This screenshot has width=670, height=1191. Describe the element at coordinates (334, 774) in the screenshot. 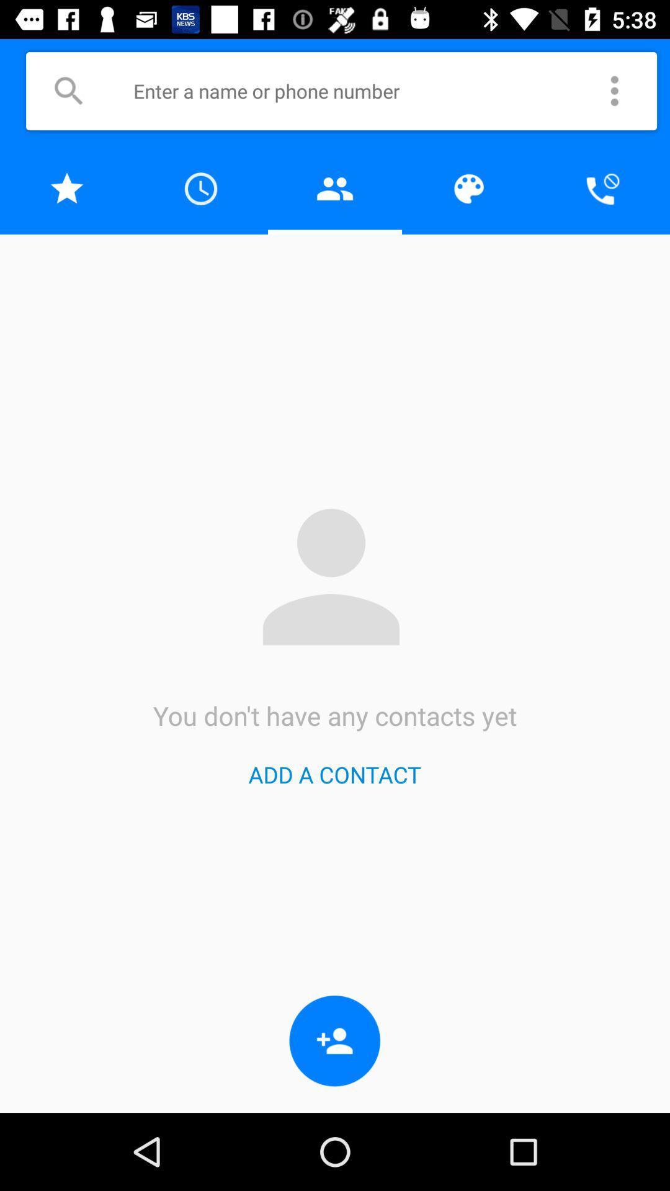

I see `add a contact icon` at that location.